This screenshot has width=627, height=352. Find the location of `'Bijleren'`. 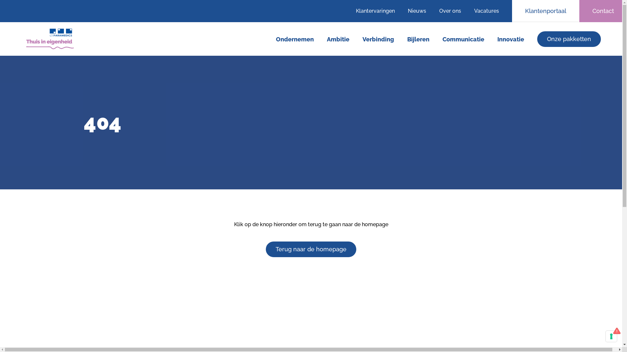

'Bijleren' is located at coordinates (418, 39).